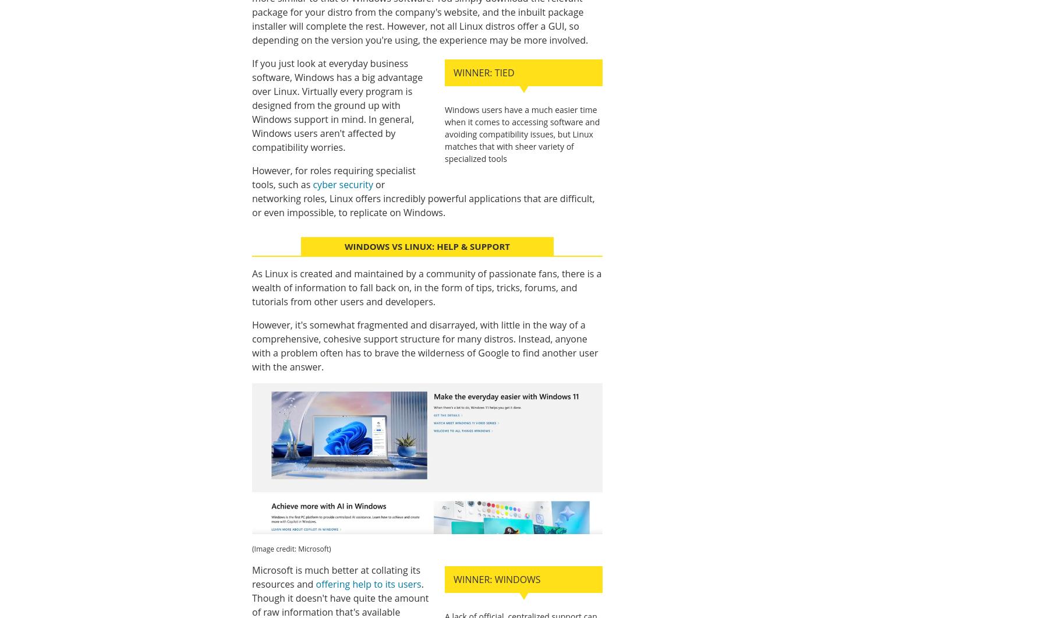  What do you see at coordinates (334, 177) in the screenshot?
I see `'However, for roles requiring specialist tools, such as'` at bounding box center [334, 177].